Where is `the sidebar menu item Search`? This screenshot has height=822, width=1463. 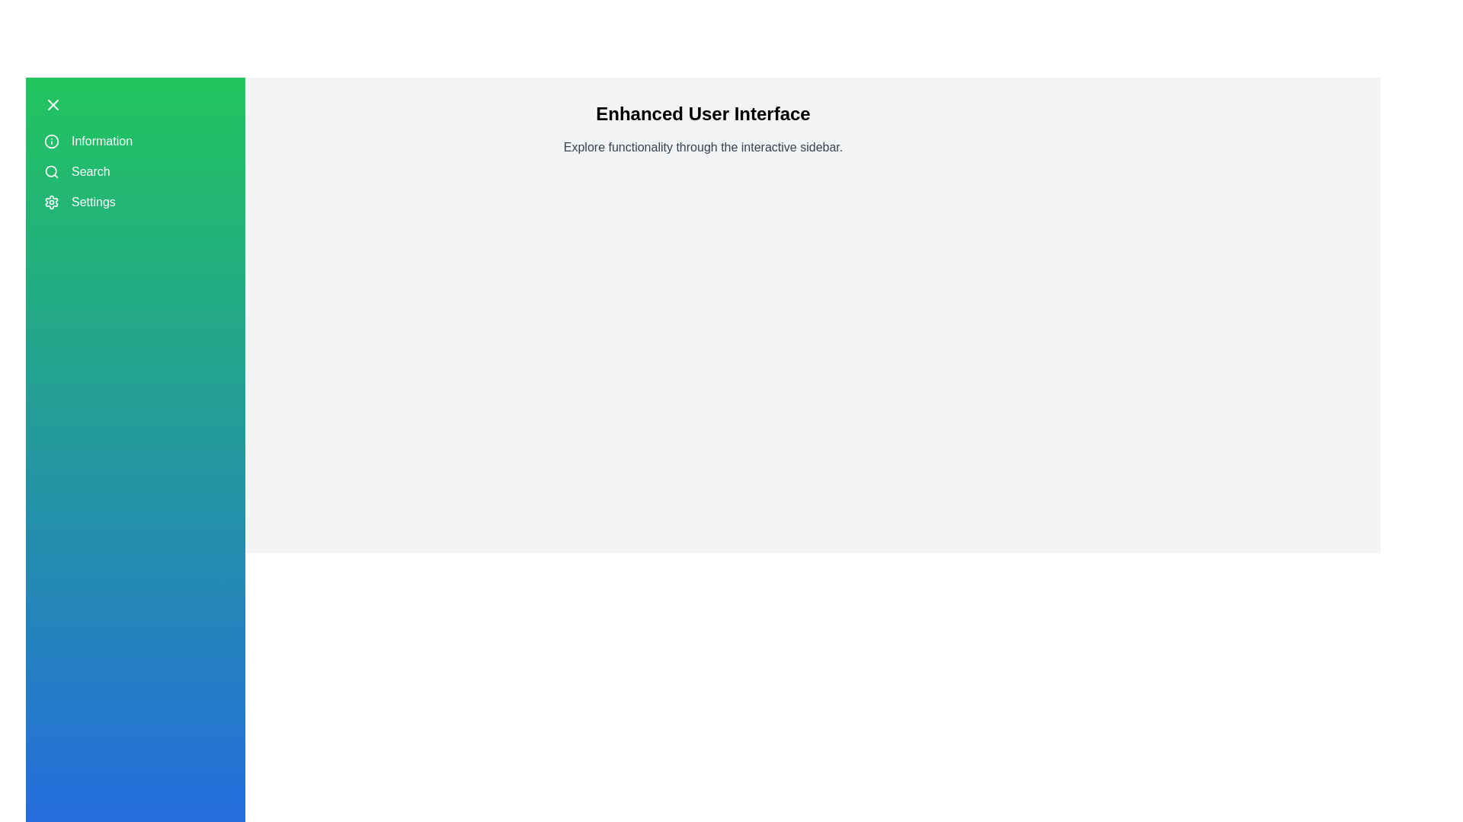 the sidebar menu item Search is located at coordinates (135, 171).